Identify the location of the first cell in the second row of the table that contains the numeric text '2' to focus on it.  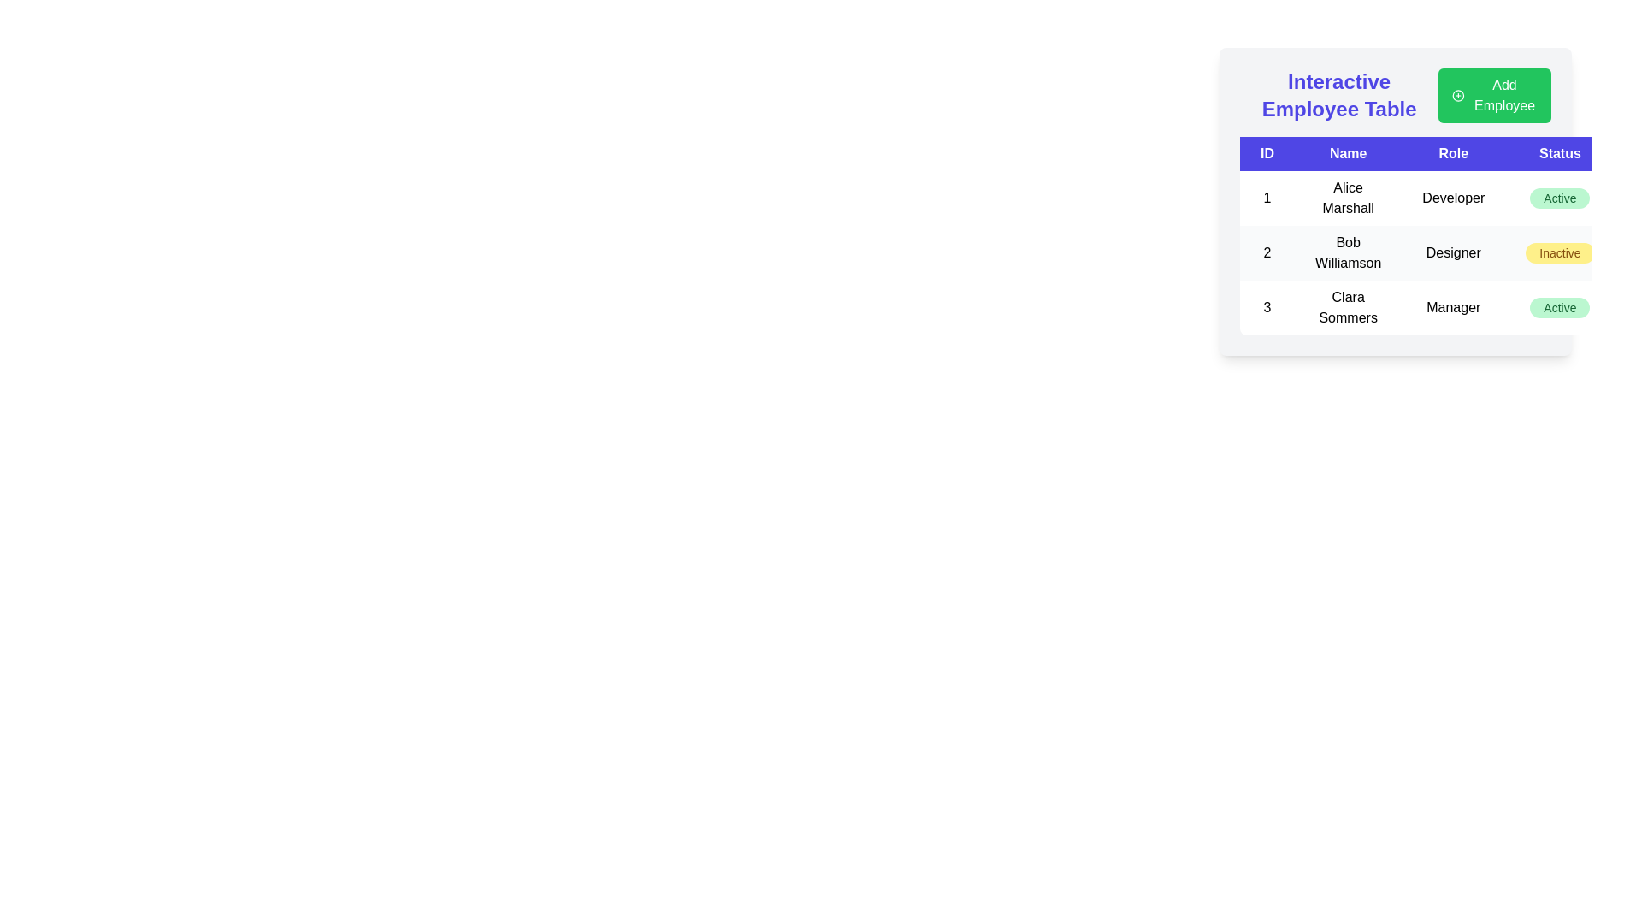
(1267, 253).